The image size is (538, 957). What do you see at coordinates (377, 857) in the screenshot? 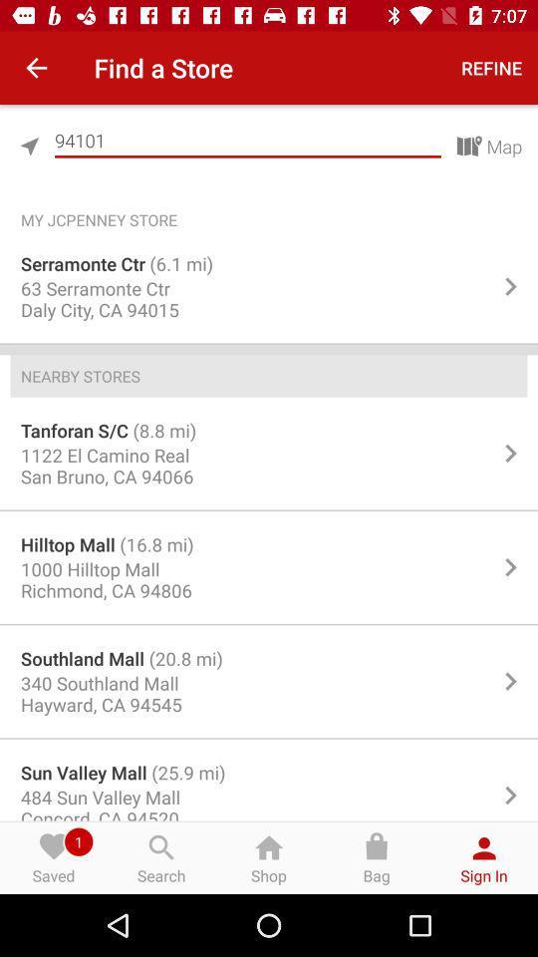
I see `bag` at bounding box center [377, 857].